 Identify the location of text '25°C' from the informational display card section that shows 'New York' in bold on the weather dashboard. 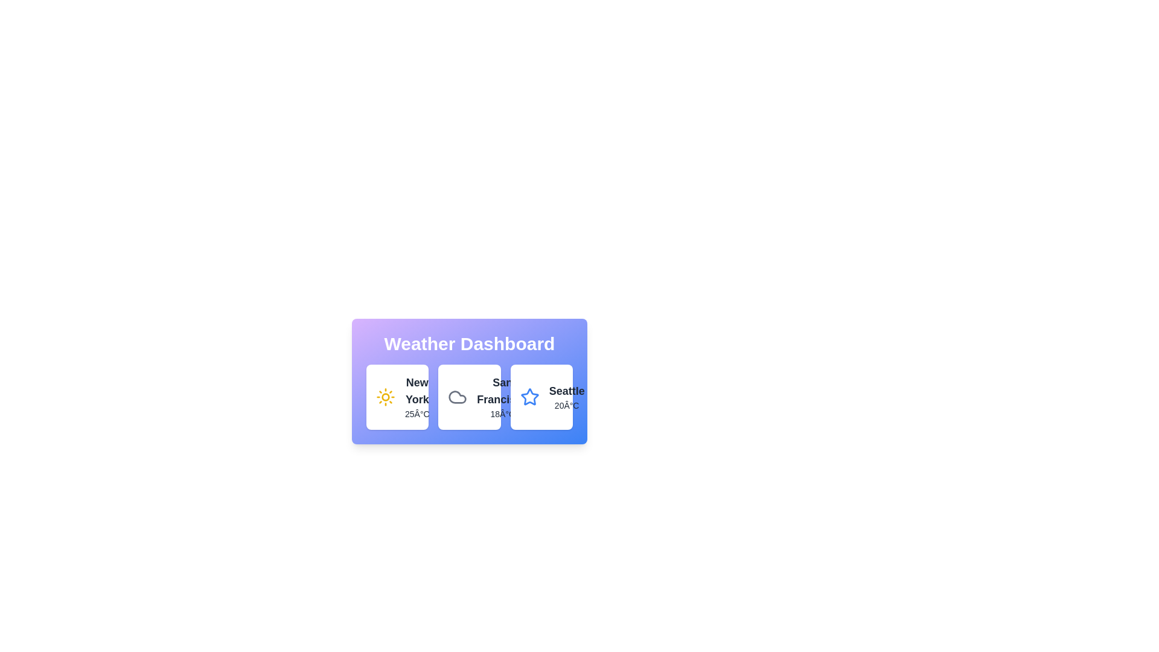
(417, 397).